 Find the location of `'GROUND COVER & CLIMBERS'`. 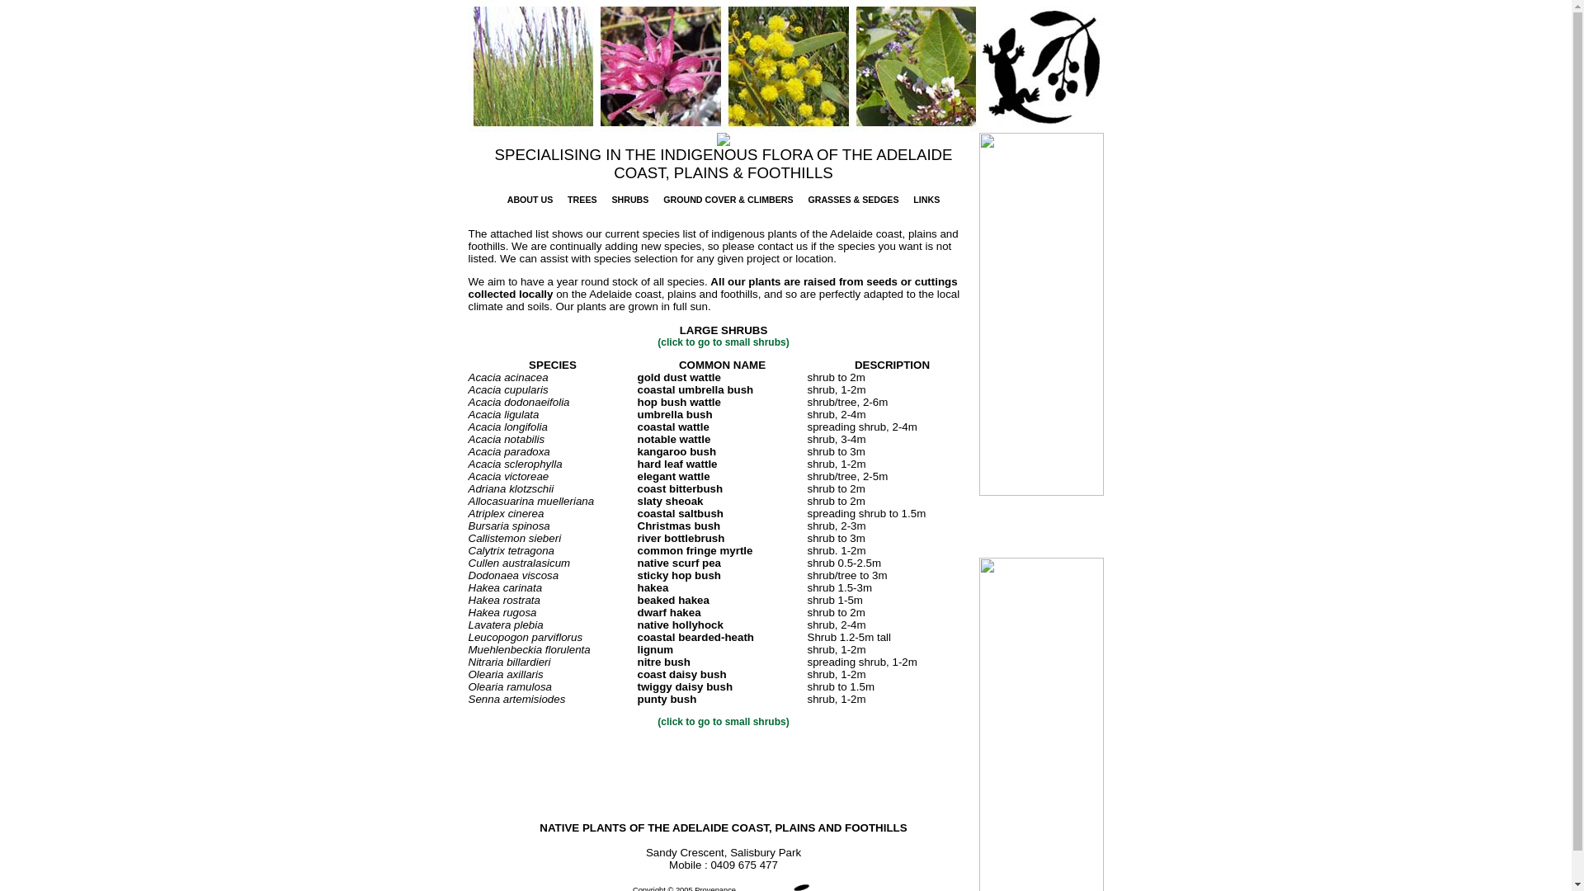

'GROUND COVER & CLIMBERS' is located at coordinates (727, 199).